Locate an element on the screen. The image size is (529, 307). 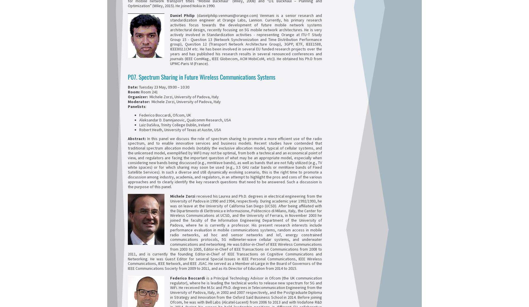
'P07. Spectrum Sharing in Future Wireless Communications Systems' is located at coordinates (202, 76).